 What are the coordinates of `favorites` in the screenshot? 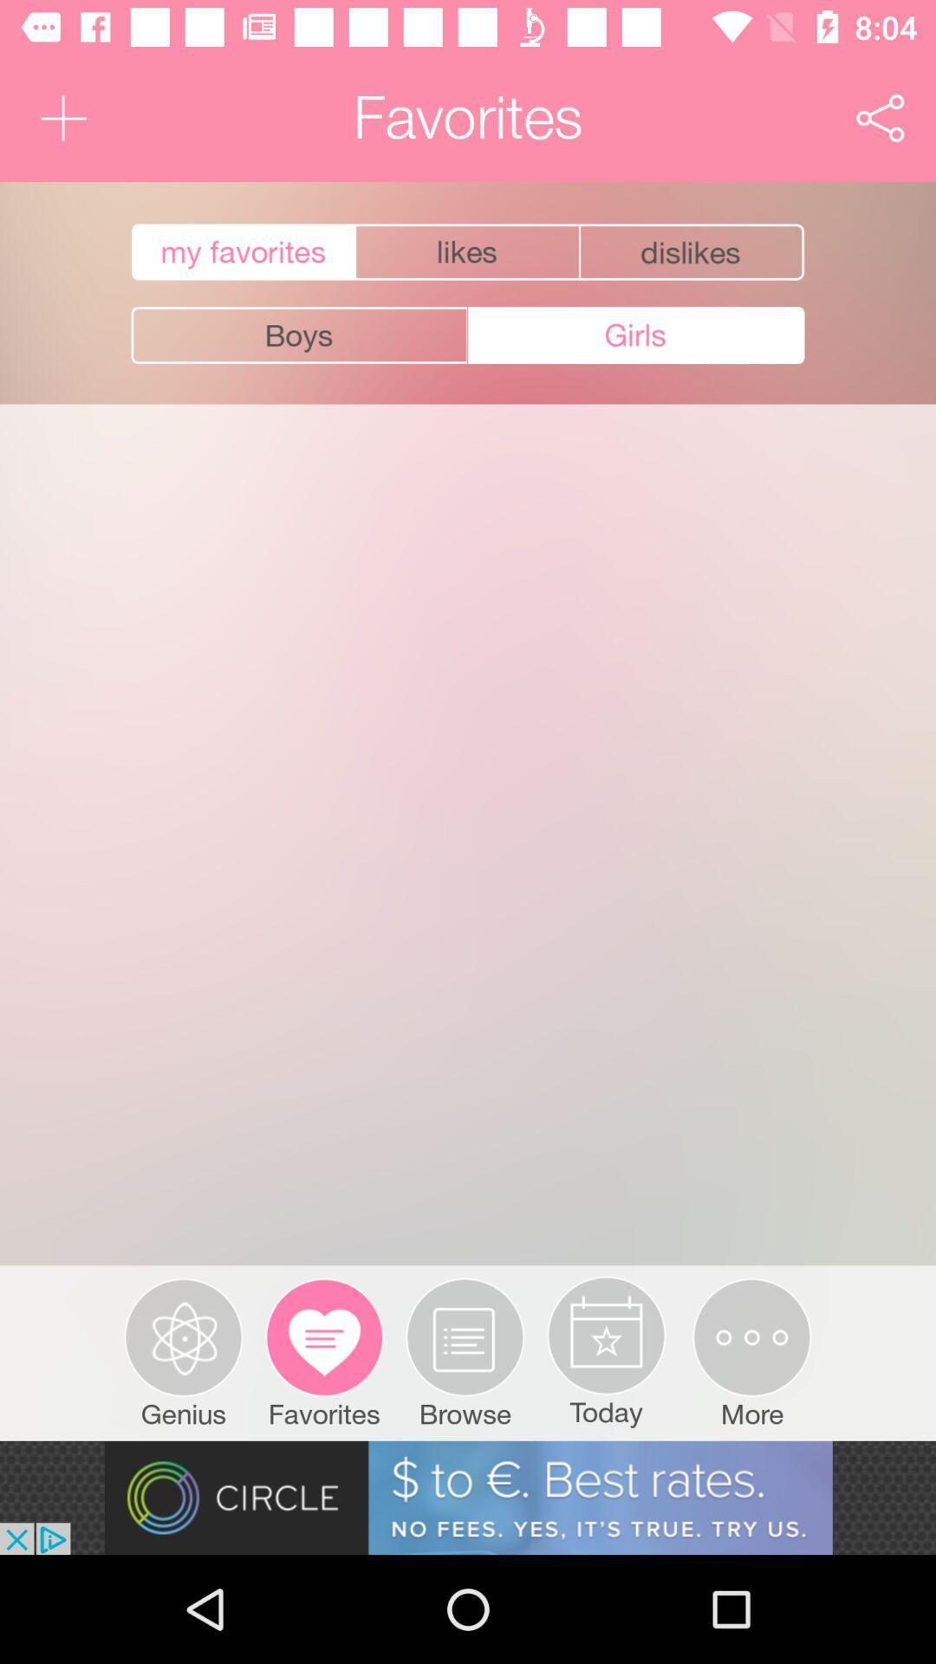 It's located at (241, 251).